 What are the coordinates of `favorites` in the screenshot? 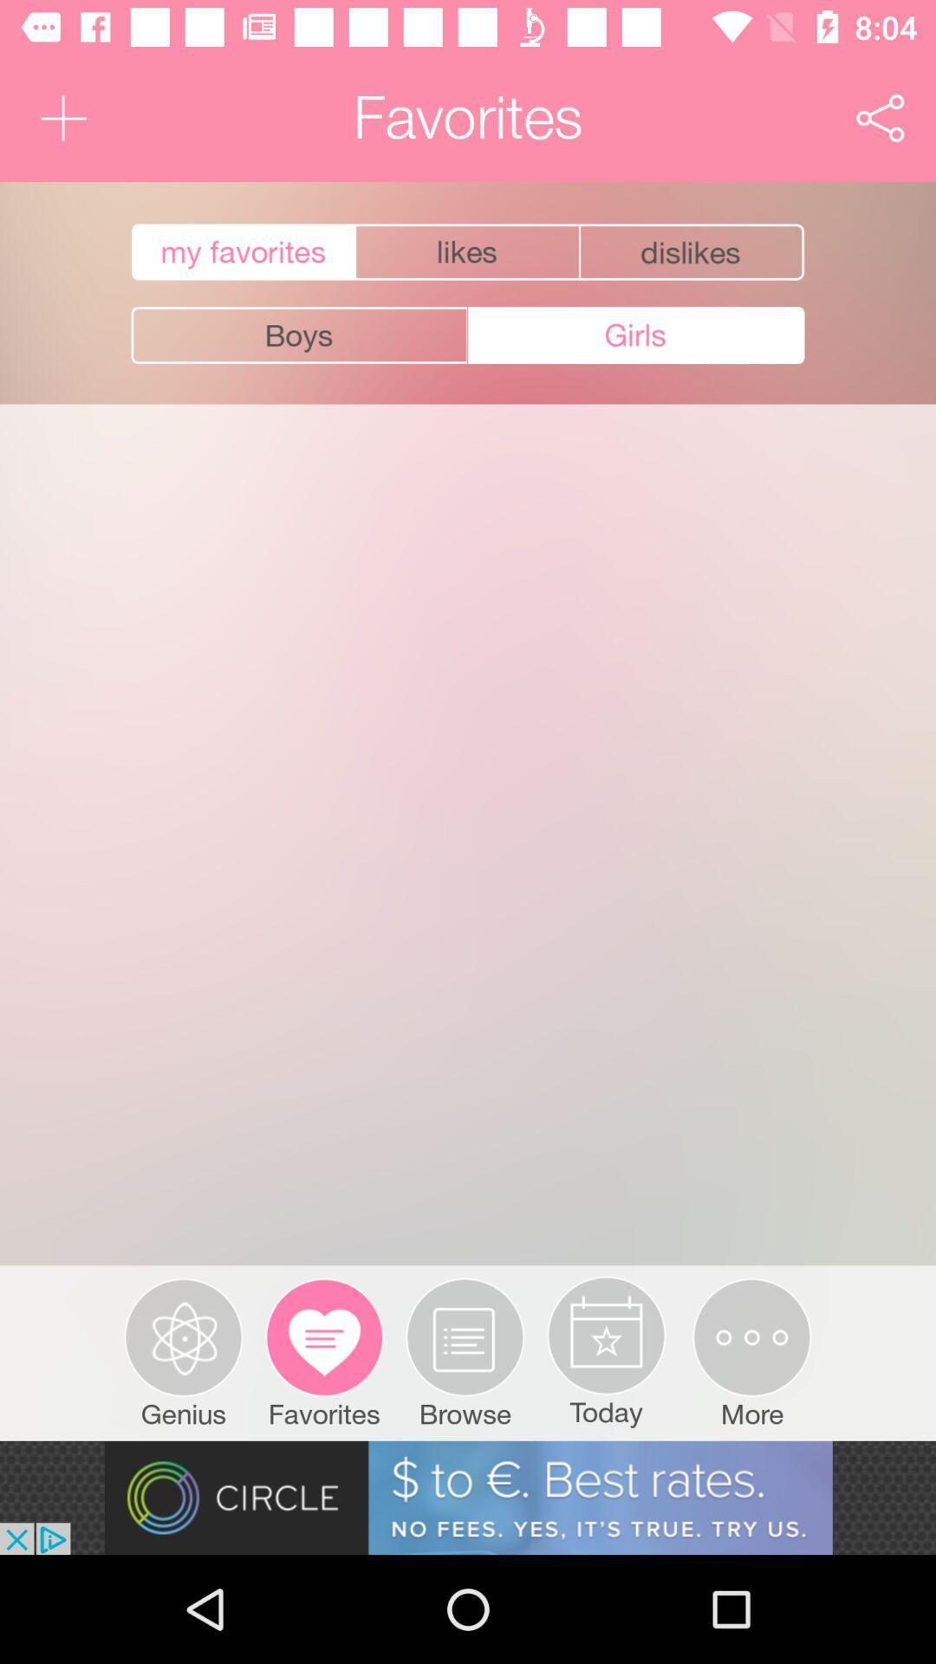 It's located at (241, 251).